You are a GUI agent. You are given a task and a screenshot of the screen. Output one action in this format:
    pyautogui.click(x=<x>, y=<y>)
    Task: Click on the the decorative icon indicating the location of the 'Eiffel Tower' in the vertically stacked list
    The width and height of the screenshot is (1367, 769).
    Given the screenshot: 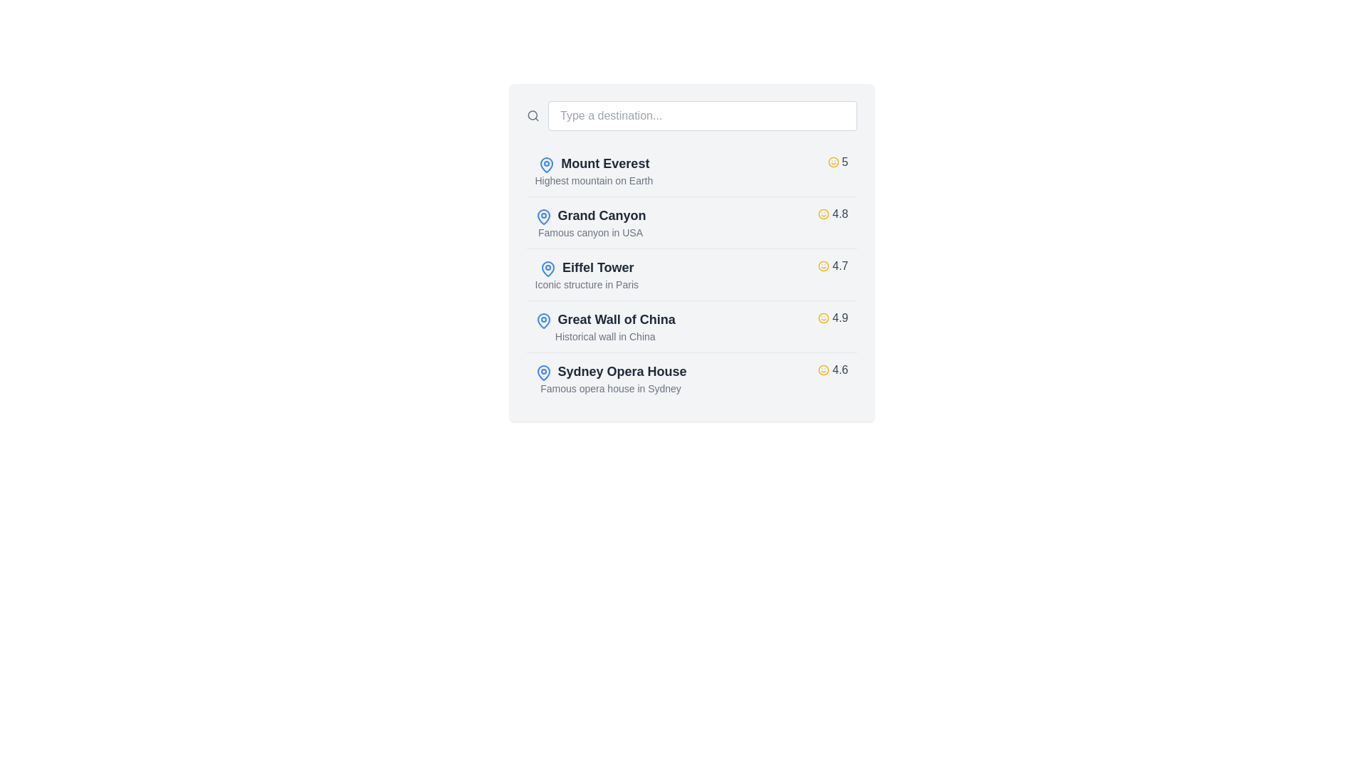 What is the action you would take?
    pyautogui.click(x=547, y=268)
    